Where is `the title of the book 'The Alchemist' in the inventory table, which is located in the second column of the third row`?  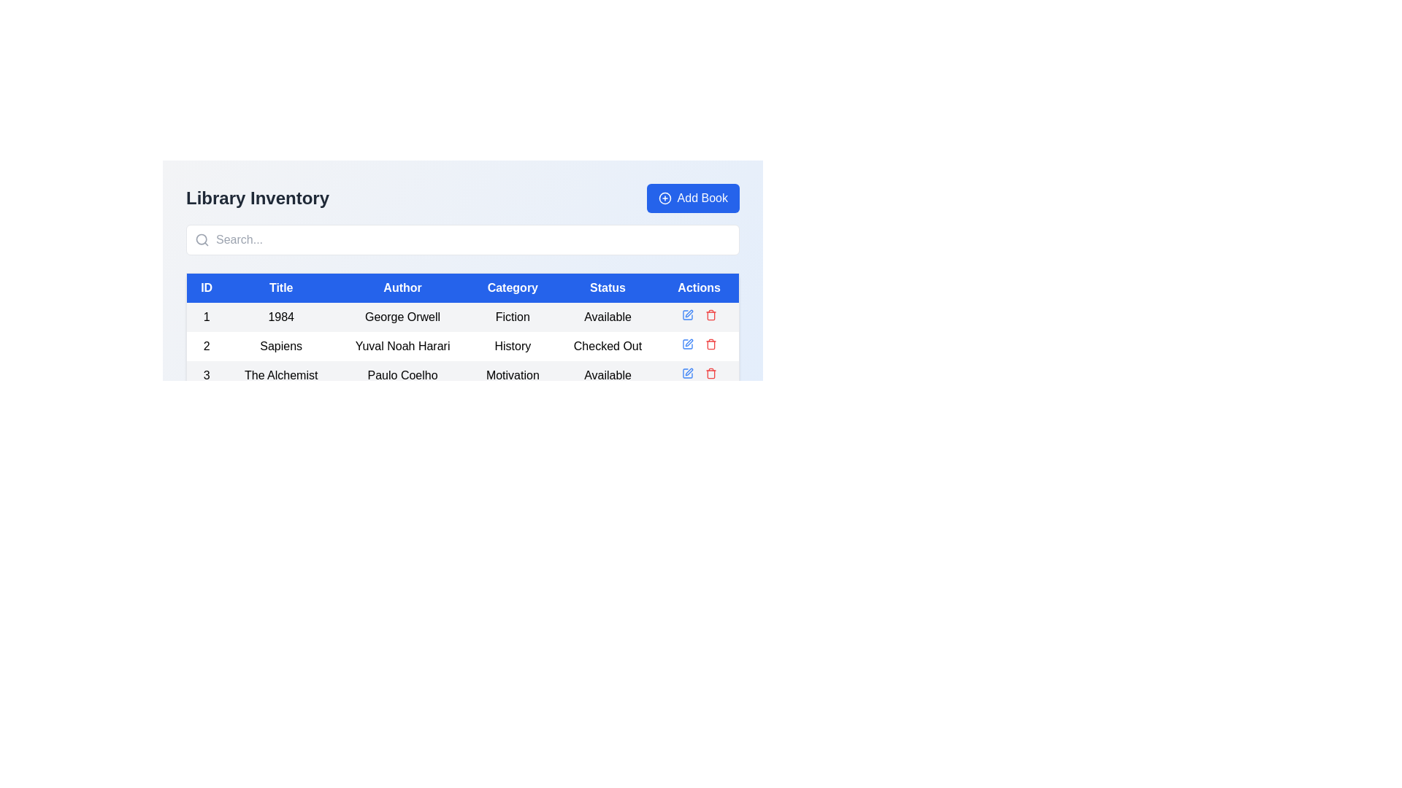
the title of the book 'The Alchemist' in the inventory table, which is located in the second column of the third row is located at coordinates (281, 375).